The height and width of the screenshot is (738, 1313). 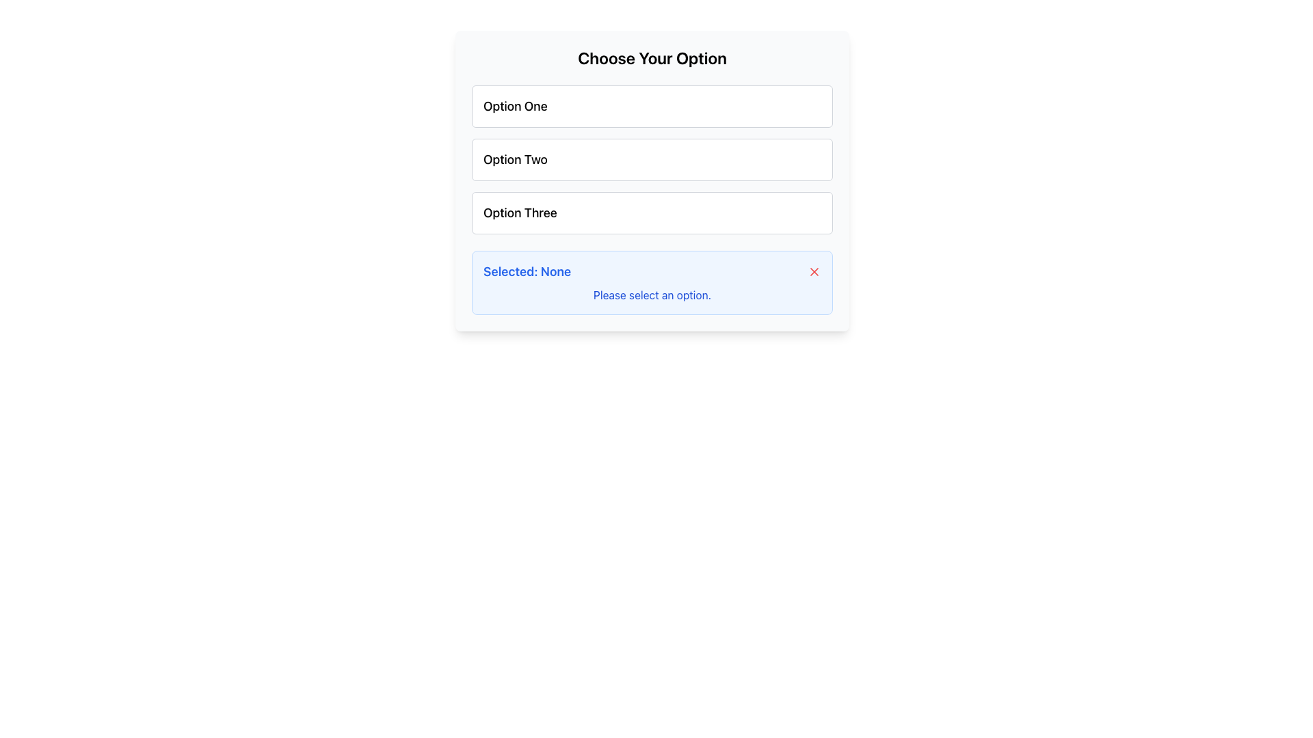 I want to click on the 'Option One' text label, which is a bold label part of the selection interface under 'Choose Your Option', so click(x=514, y=105).